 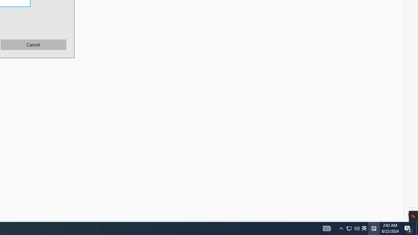 I want to click on 'Cancel', so click(x=33, y=44).